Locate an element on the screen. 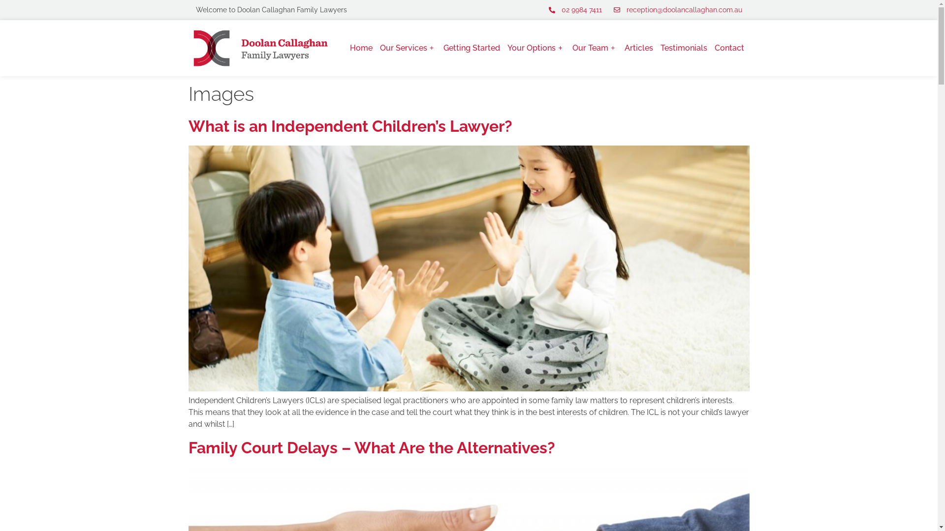  'reception@doolancallaghan.com.au' is located at coordinates (676, 10).